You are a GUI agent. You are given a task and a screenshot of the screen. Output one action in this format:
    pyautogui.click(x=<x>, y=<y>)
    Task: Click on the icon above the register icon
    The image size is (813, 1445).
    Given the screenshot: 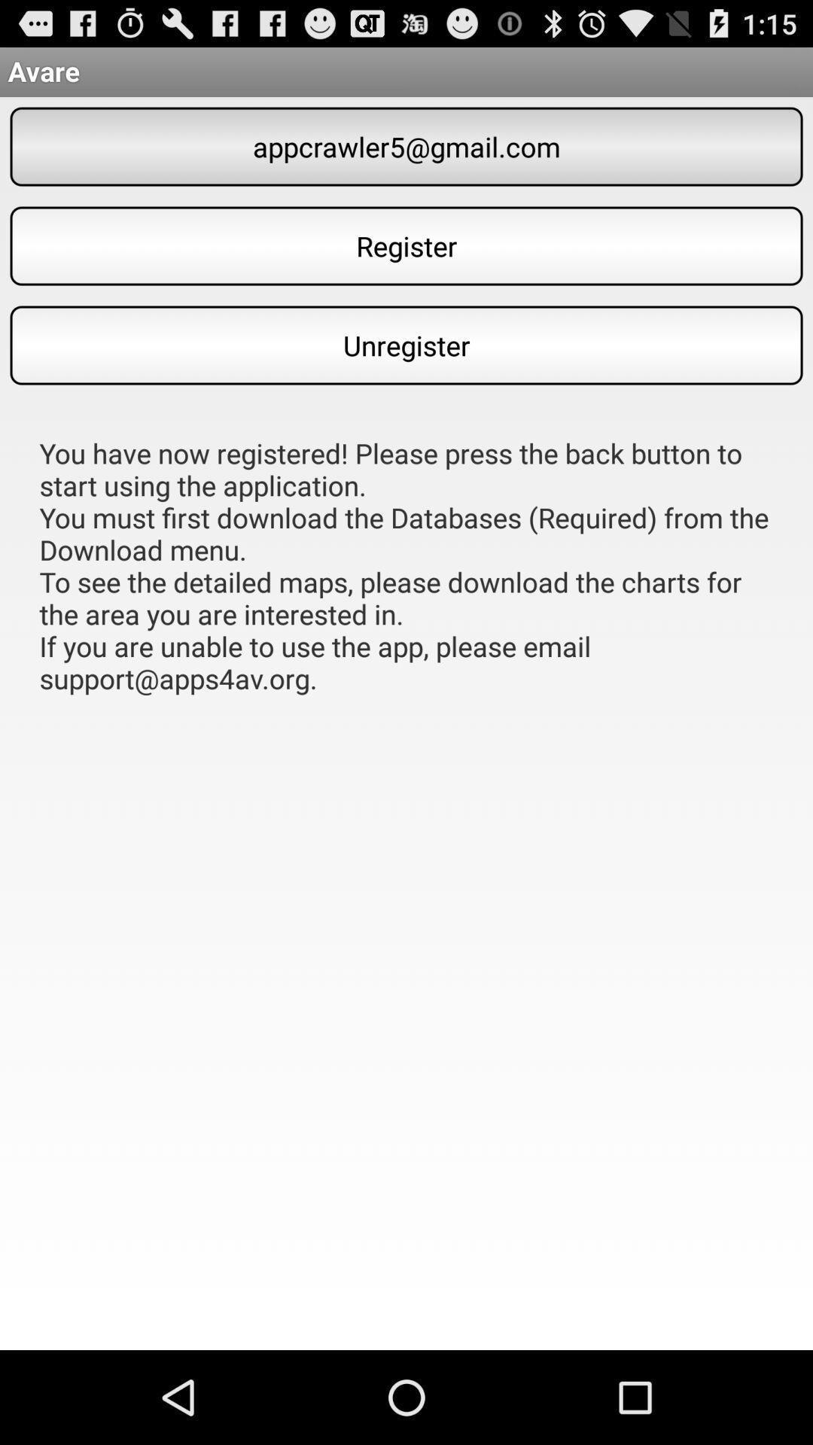 What is the action you would take?
    pyautogui.click(x=406, y=147)
    